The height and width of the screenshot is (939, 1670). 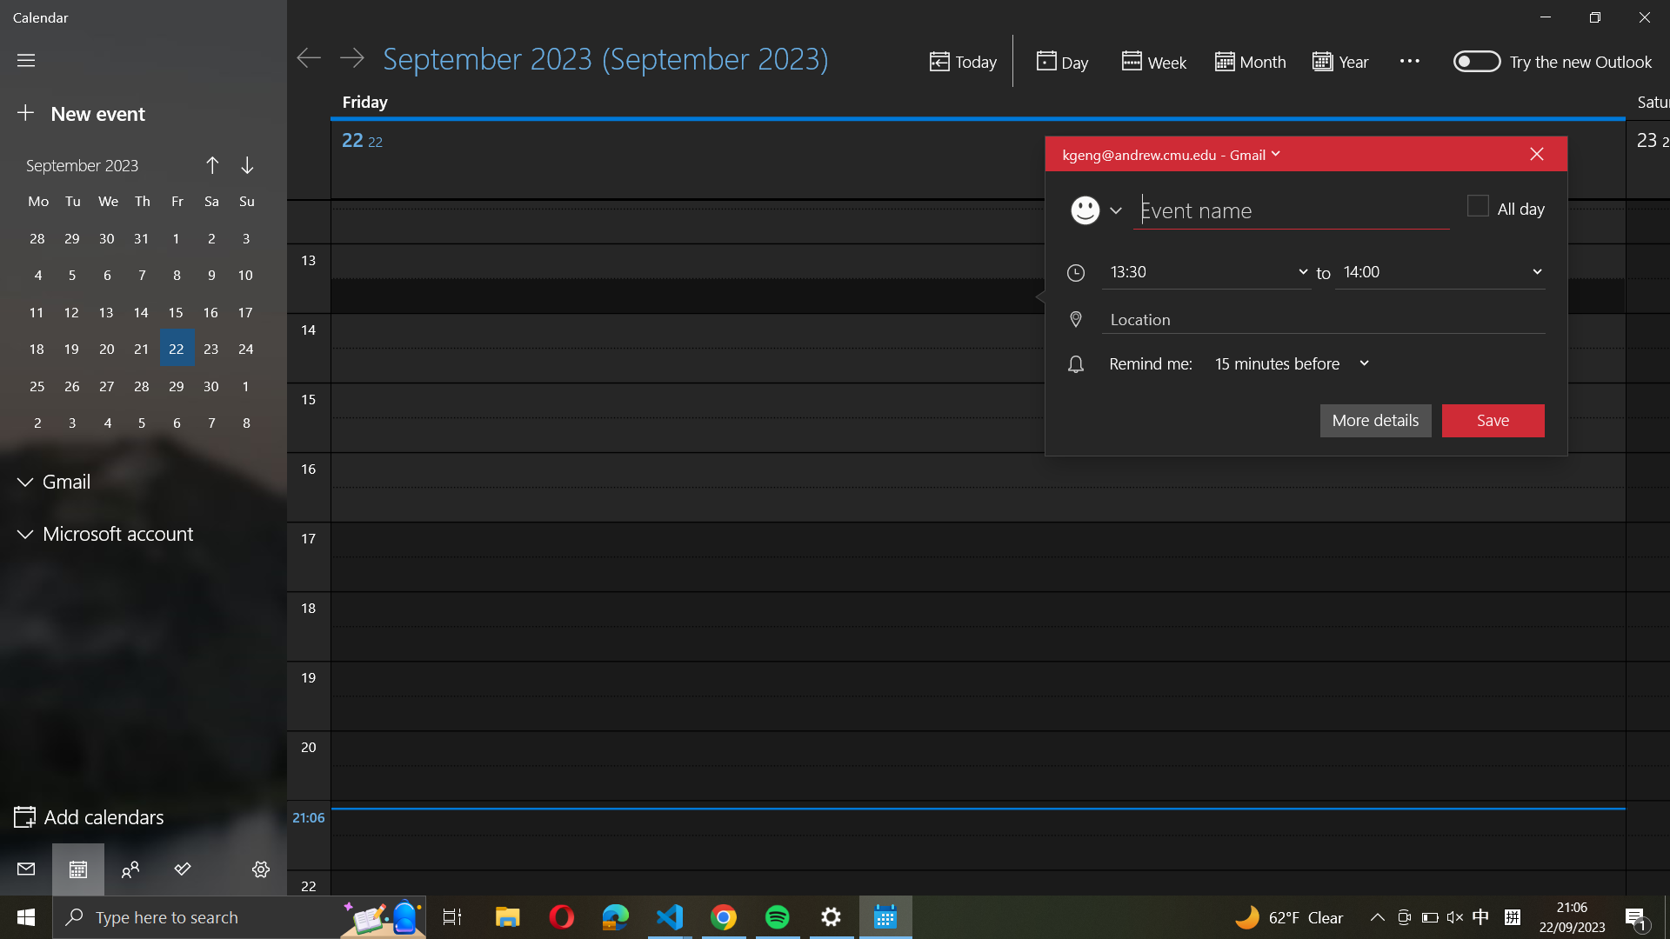 I want to click on Switch to the present date in the calendar, so click(x=961, y=62).